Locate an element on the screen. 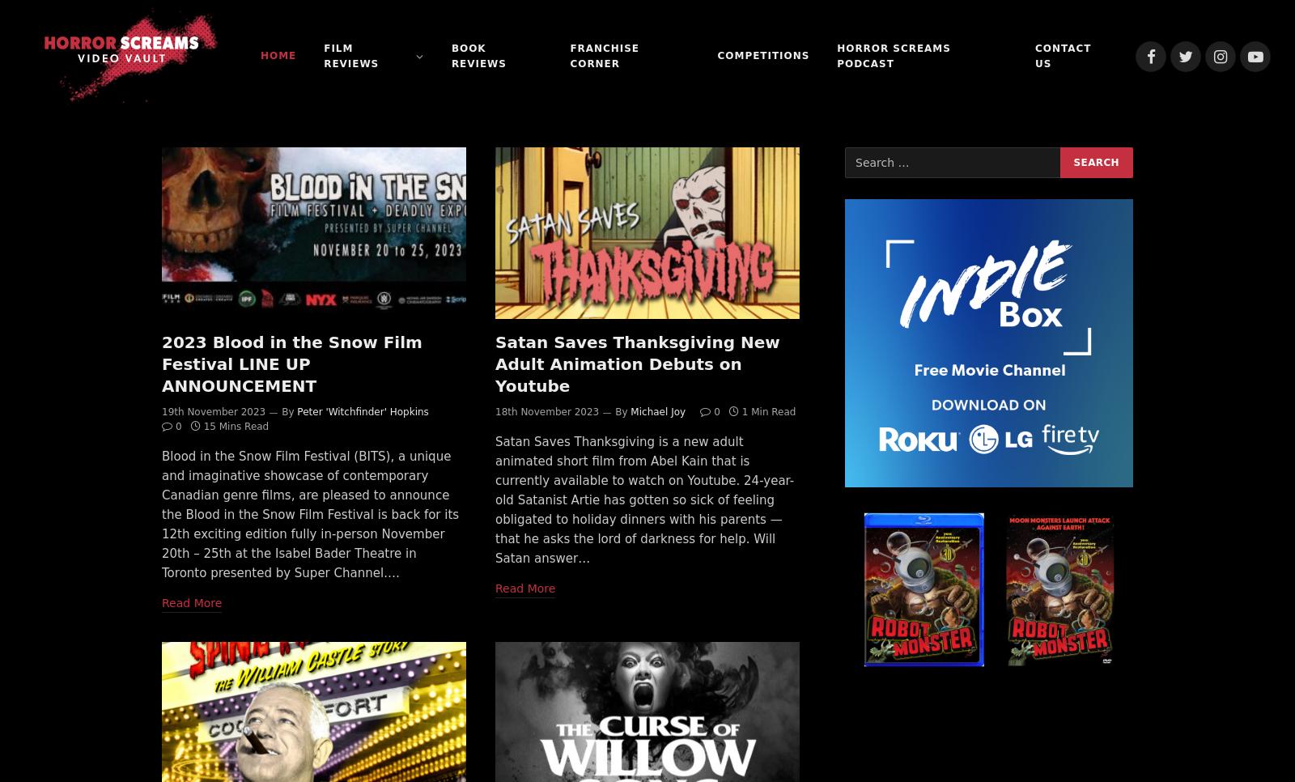 Image resolution: width=1295 pixels, height=782 pixels. '19th November 2023' is located at coordinates (214, 410).